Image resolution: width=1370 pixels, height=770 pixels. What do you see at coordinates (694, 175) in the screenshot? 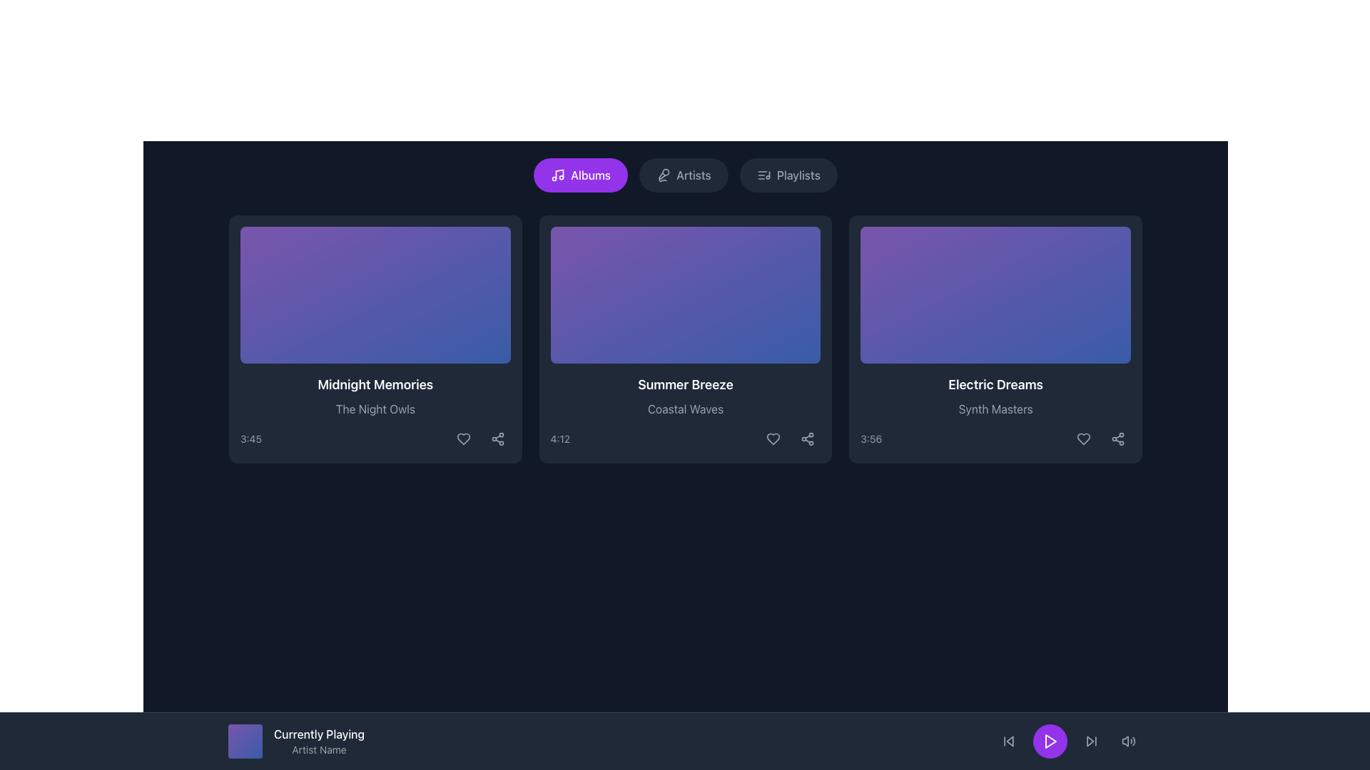
I see `the 'Artists' text label within the navigation button` at bounding box center [694, 175].